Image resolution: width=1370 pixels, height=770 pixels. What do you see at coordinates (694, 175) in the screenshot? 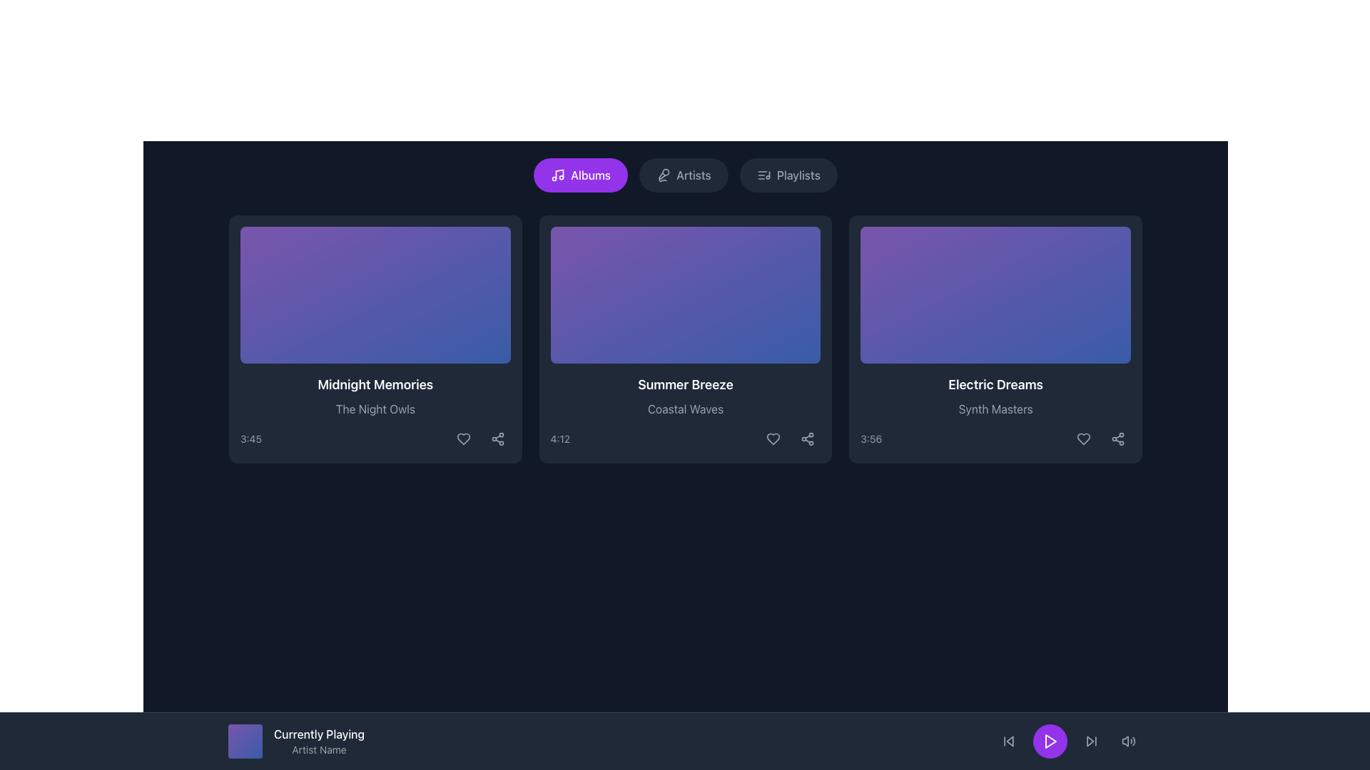
I see `the 'Artists' text label within the navigation button` at bounding box center [694, 175].